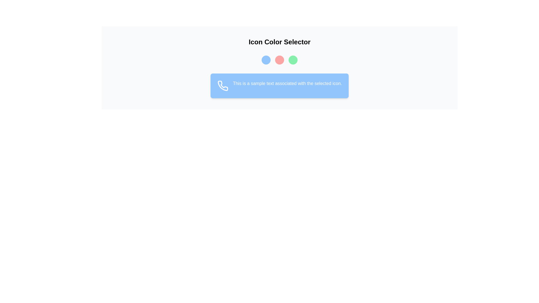  I want to click on the middle circular button in the horizontal row of three buttons, which is associated with the red theme, so click(280, 60).